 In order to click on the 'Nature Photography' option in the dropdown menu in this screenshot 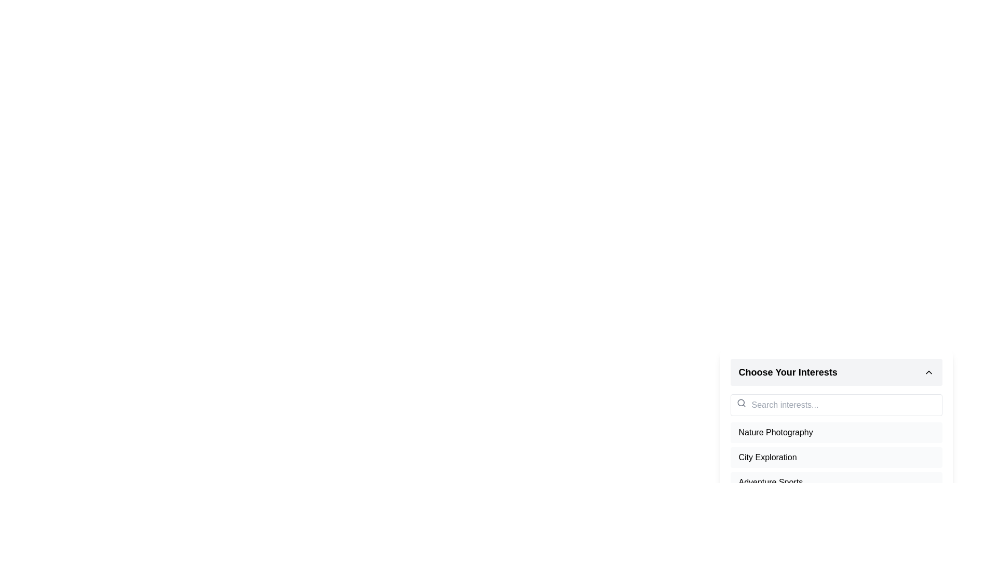, I will do `click(836, 438)`.